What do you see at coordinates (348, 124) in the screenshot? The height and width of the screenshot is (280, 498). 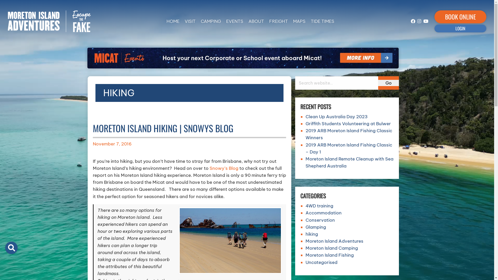 I see `'Griffith Students Volunteering at Bulwer'` at bounding box center [348, 124].